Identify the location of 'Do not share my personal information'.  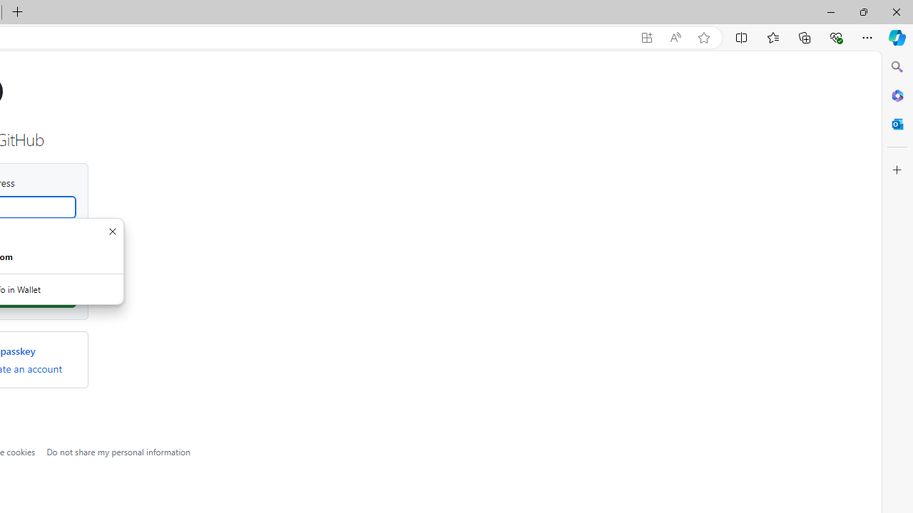
(118, 451).